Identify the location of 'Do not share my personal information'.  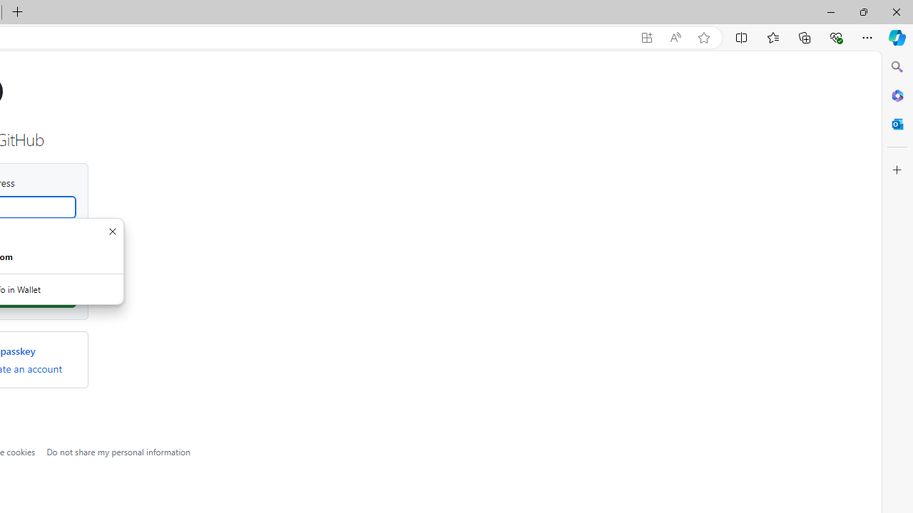
(118, 451).